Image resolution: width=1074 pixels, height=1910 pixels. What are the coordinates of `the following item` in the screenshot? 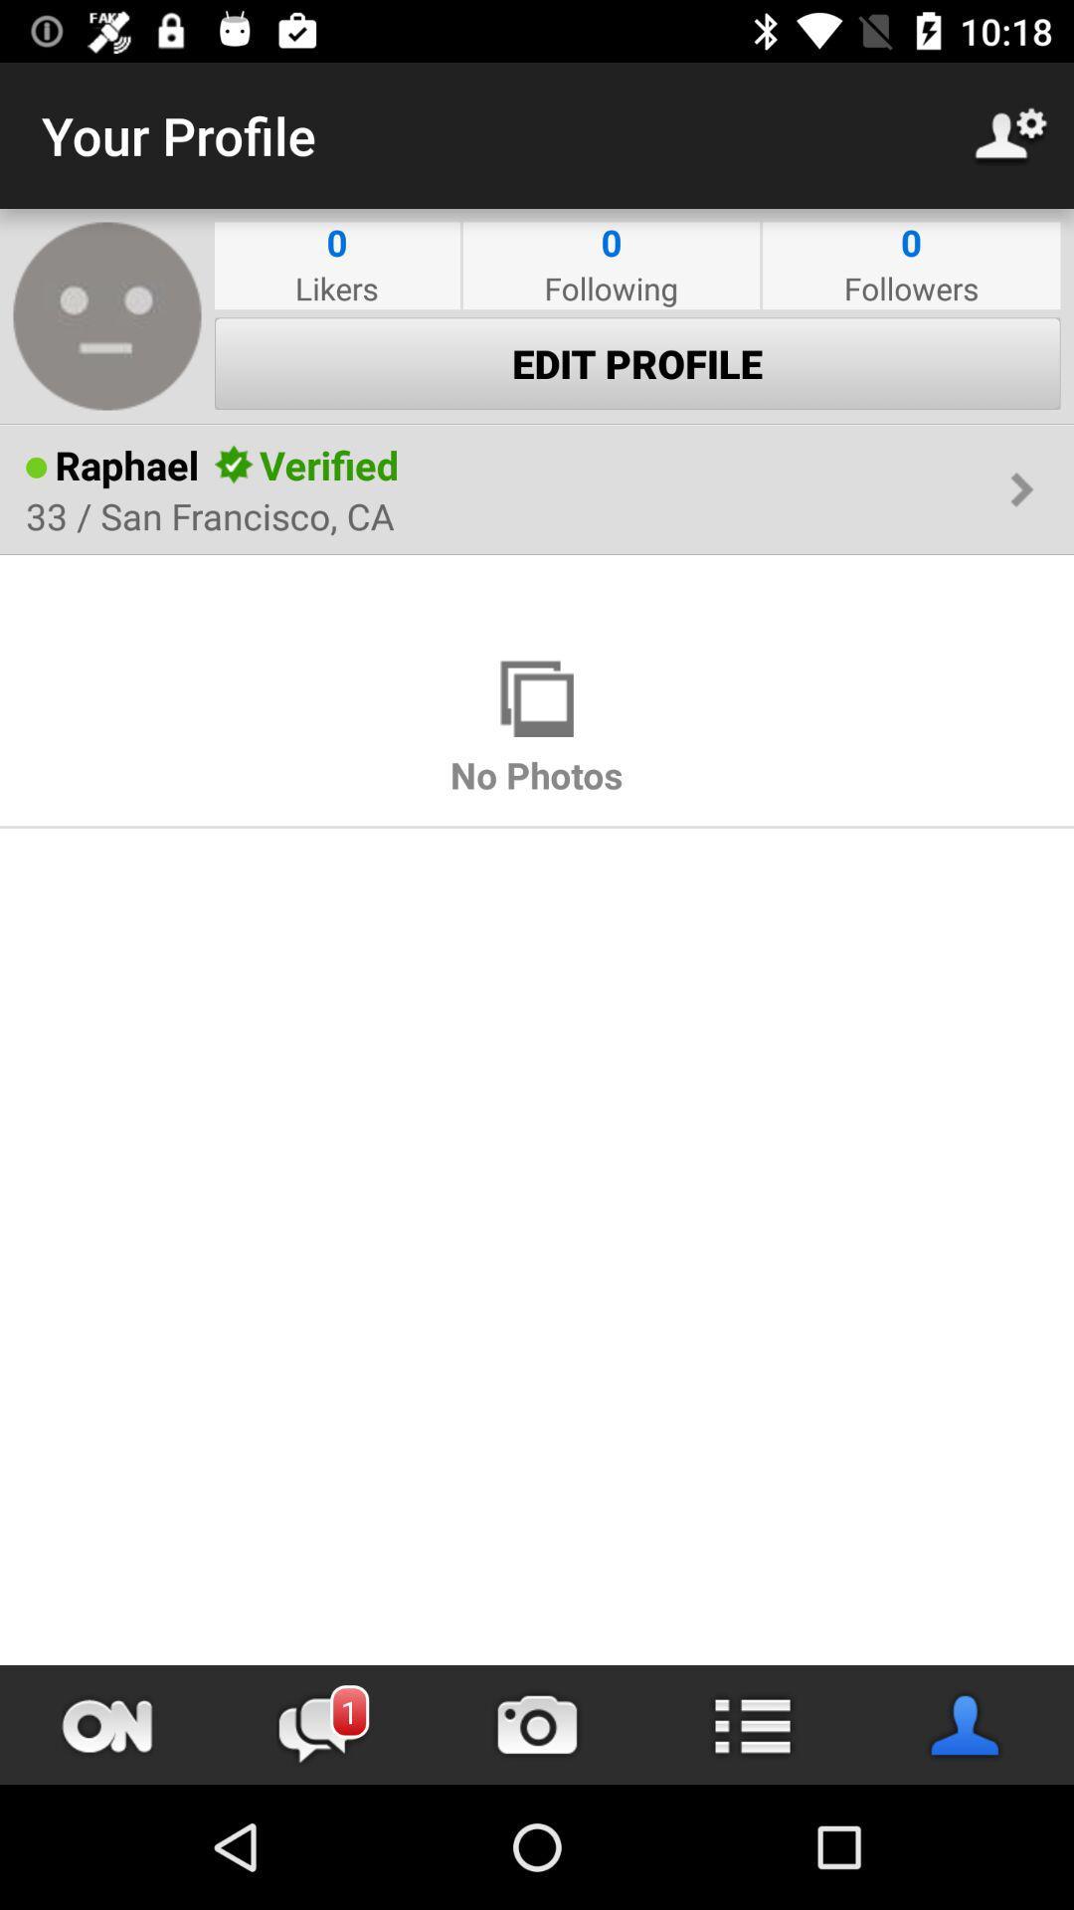 It's located at (610, 286).